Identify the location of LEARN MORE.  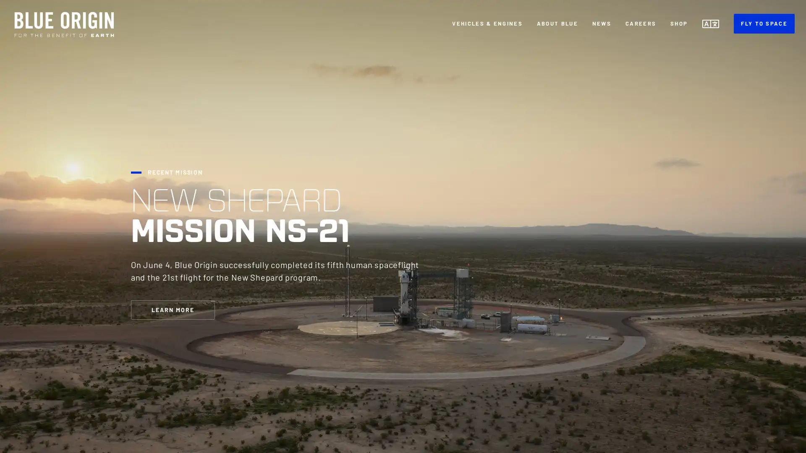
(173, 309).